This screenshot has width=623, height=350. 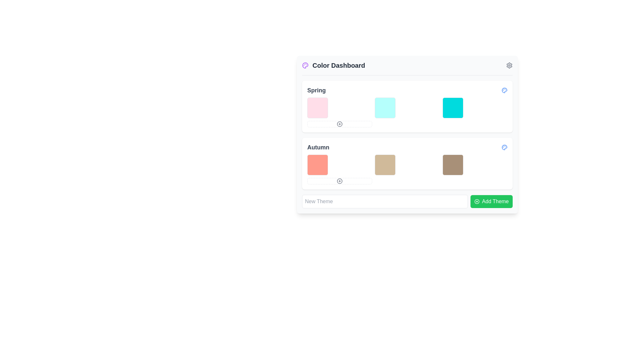 I want to click on the button with a circle plus icon located in the Autumn section of the Color Dashboard, so click(x=339, y=181).